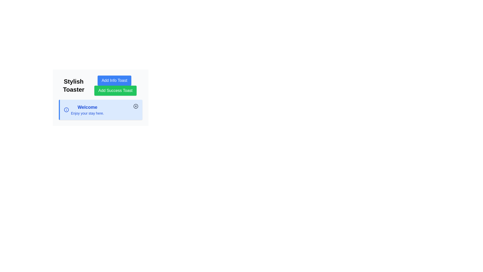 This screenshot has width=483, height=272. What do you see at coordinates (84, 109) in the screenshot?
I see `the text block displaying 'Welcome'` at bounding box center [84, 109].